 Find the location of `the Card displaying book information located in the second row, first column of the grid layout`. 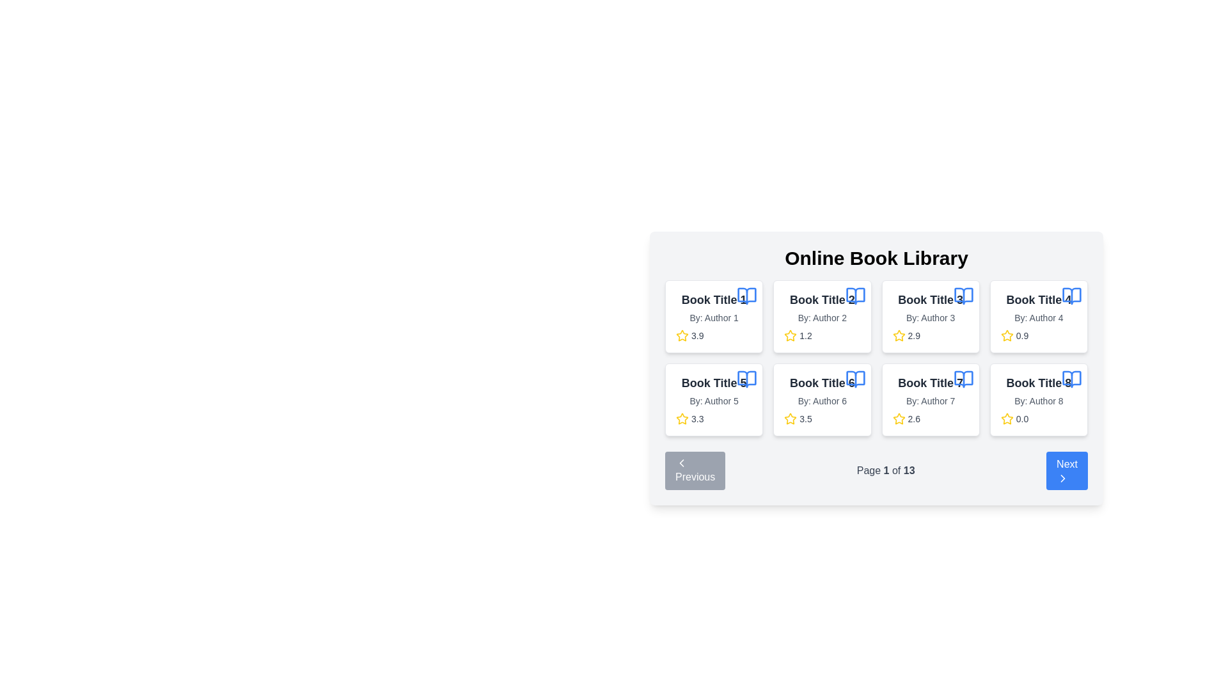

the Card displaying book information located in the second row, first column of the grid layout is located at coordinates (713, 399).